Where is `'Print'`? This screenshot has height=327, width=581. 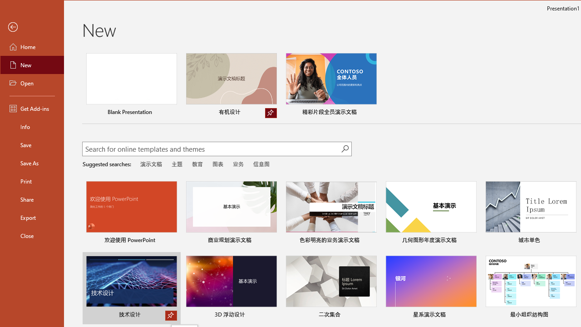 'Print' is located at coordinates (32, 181).